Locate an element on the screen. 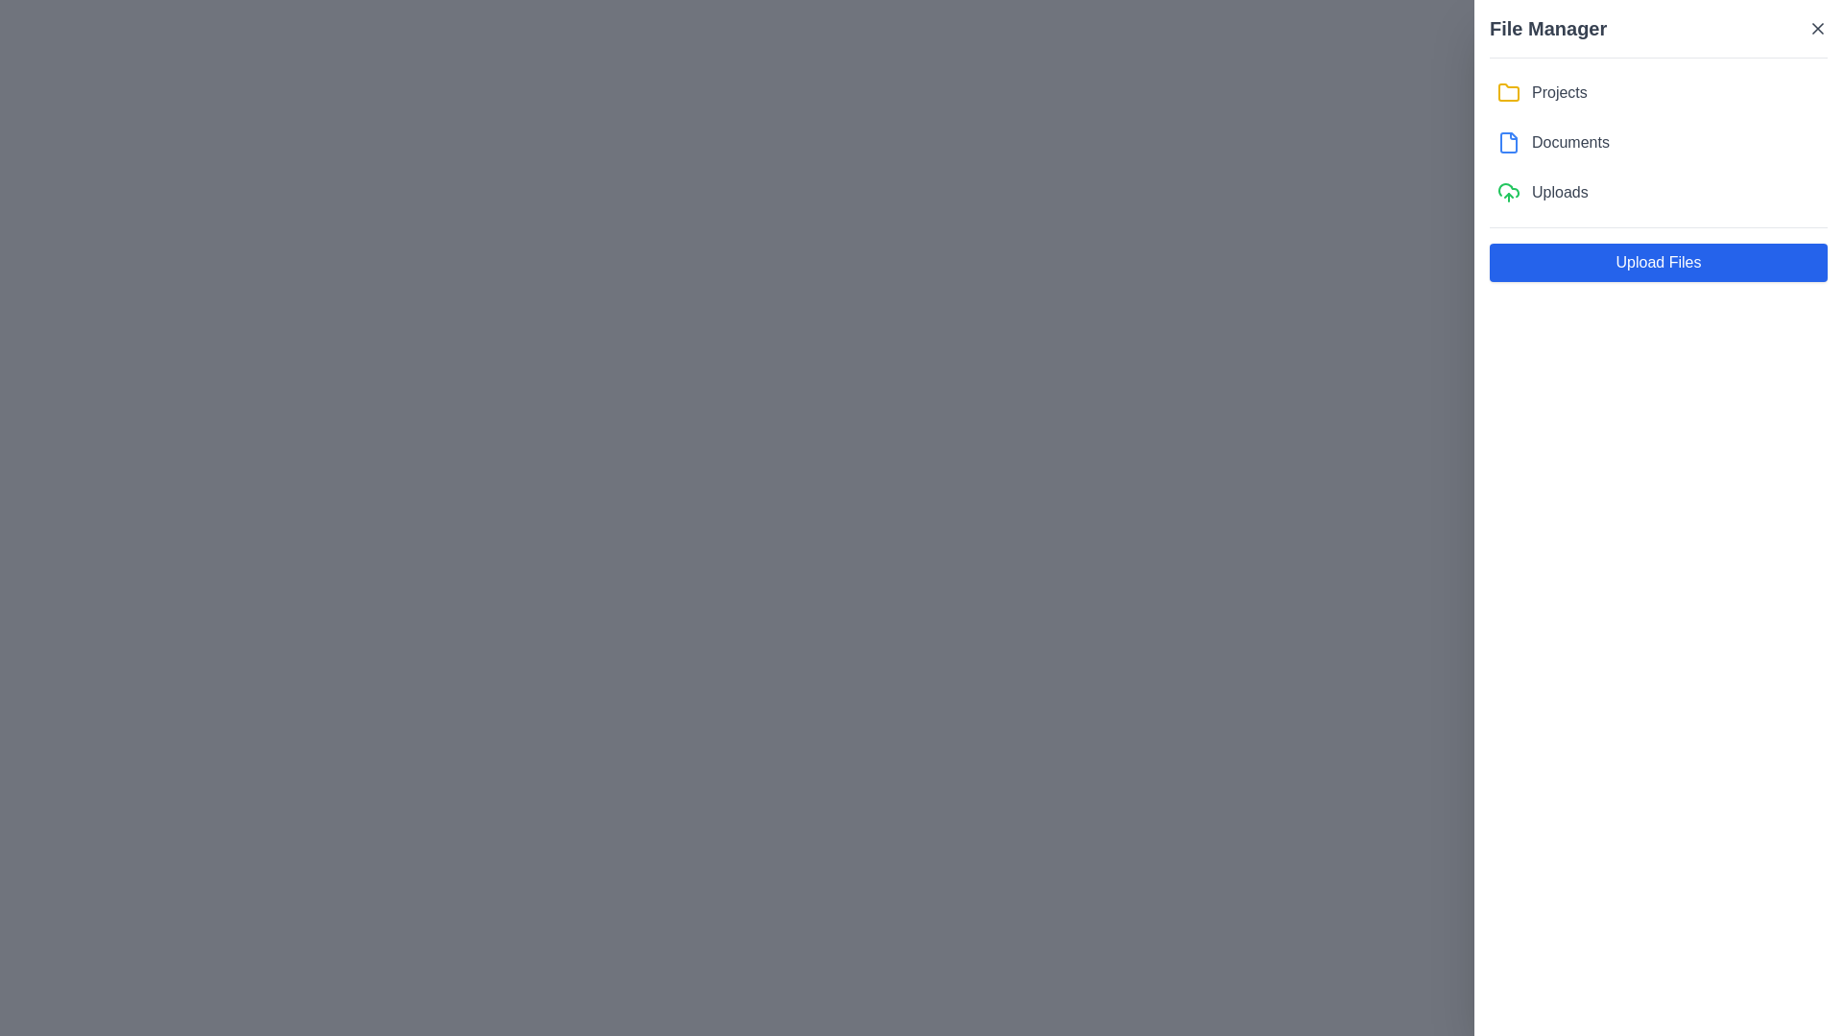 This screenshot has width=1843, height=1036. the 'Uploads' button, which features a green upward-pointing arrow inside a cloud and is located under the 'File Manager' section is located at coordinates (1658, 192).